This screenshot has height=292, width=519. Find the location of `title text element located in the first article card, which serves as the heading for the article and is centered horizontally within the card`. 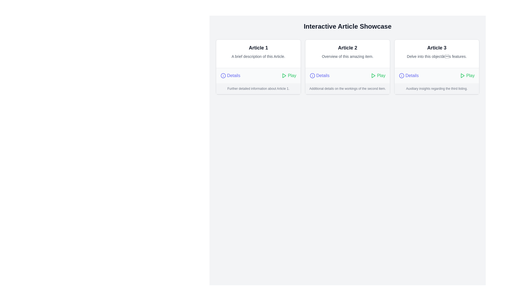

title text element located in the first article card, which serves as the heading for the article and is centered horizontally within the card is located at coordinates (258, 48).